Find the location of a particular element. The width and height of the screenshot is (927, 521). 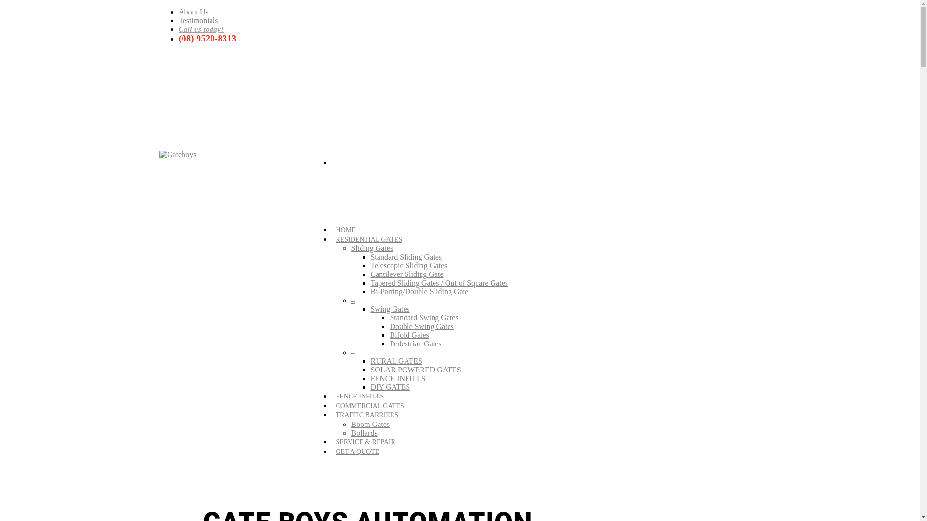

'Cantilever Sliding Gate' is located at coordinates (407, 274).